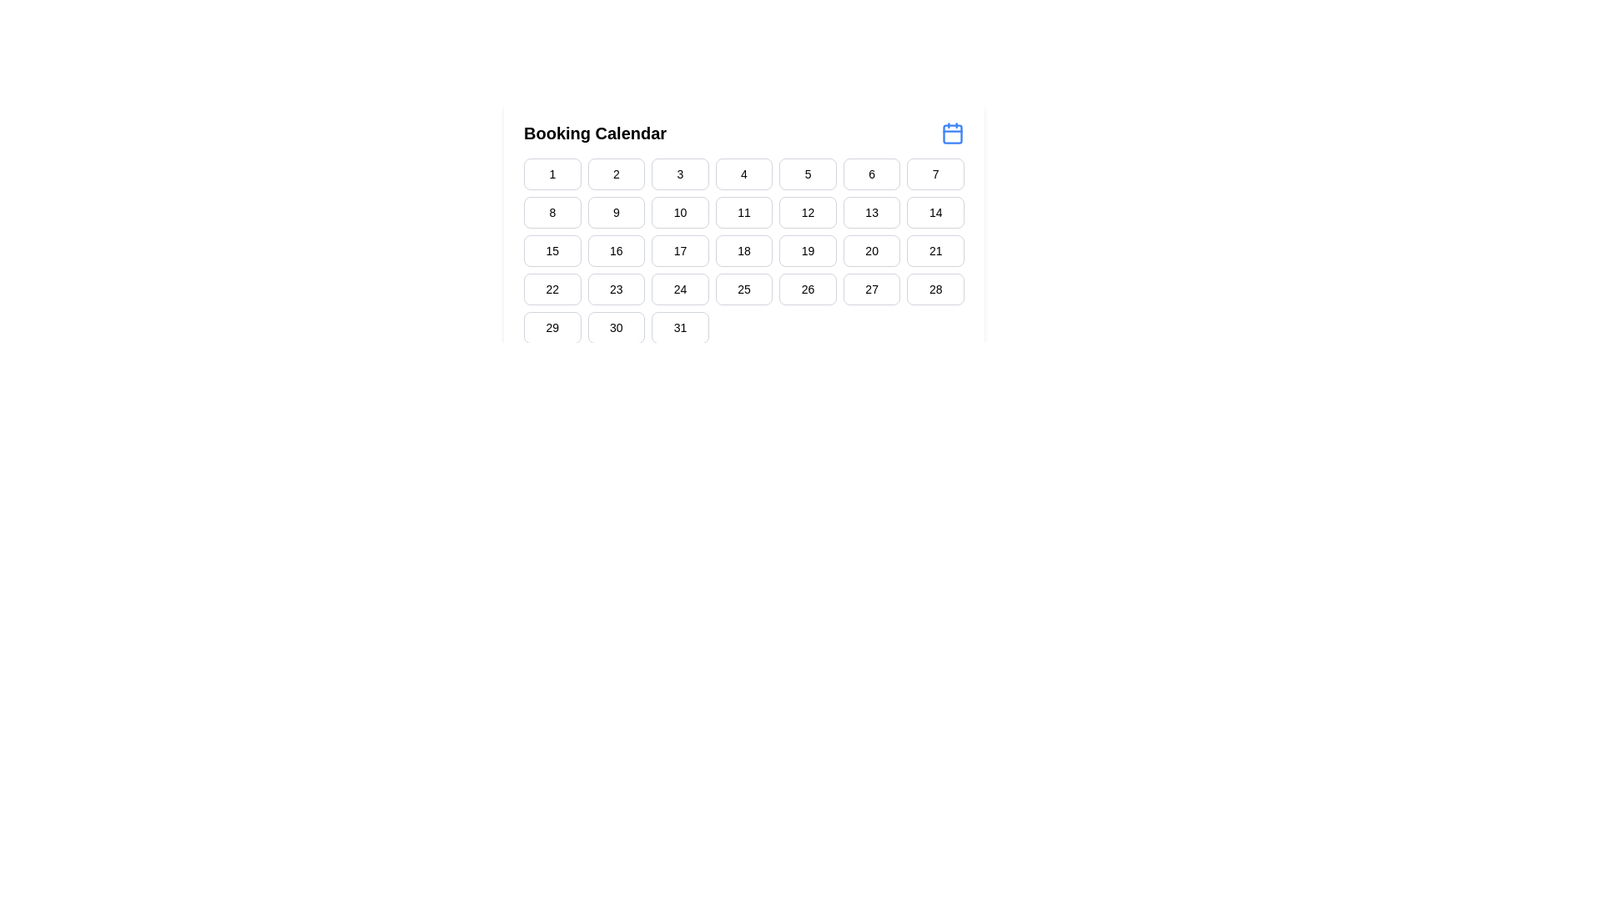  I want to click on the calendar icon located to the right of the 'Booking Calendar' title in the header section, so click(953, 132).